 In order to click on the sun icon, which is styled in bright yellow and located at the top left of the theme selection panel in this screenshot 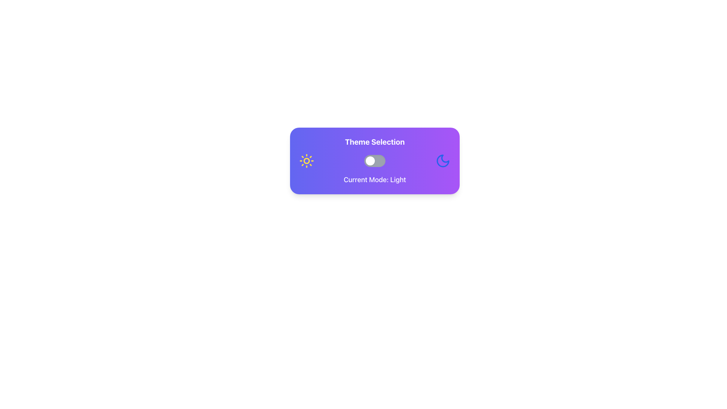, I will do `click(307, 160)`.